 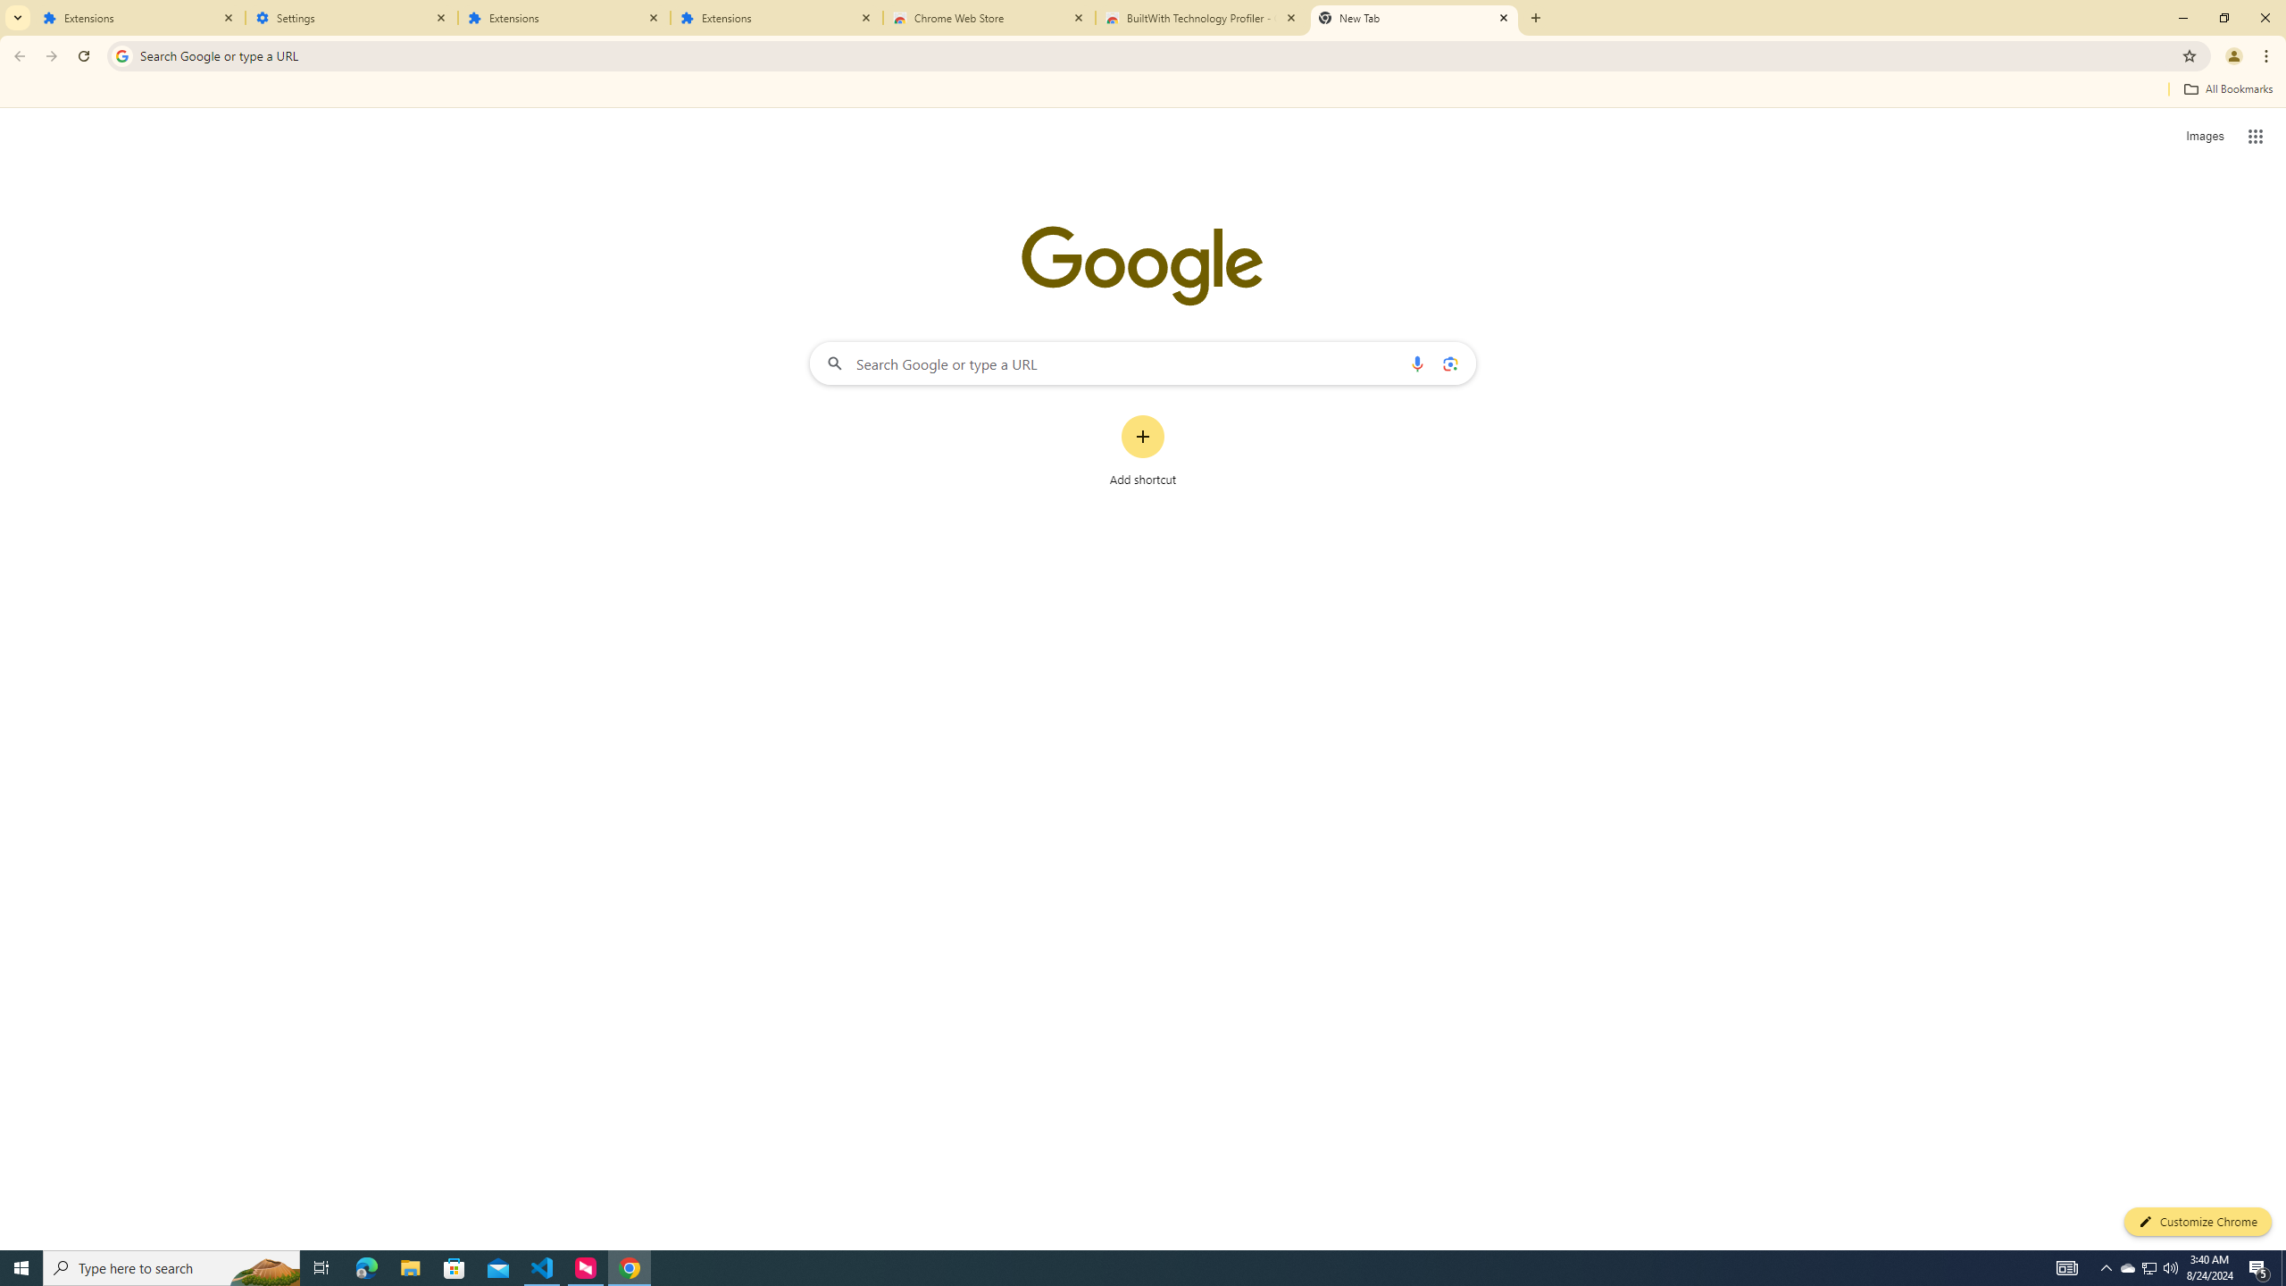 I want to click on 'Search tabs', so click(x=17, y=17).